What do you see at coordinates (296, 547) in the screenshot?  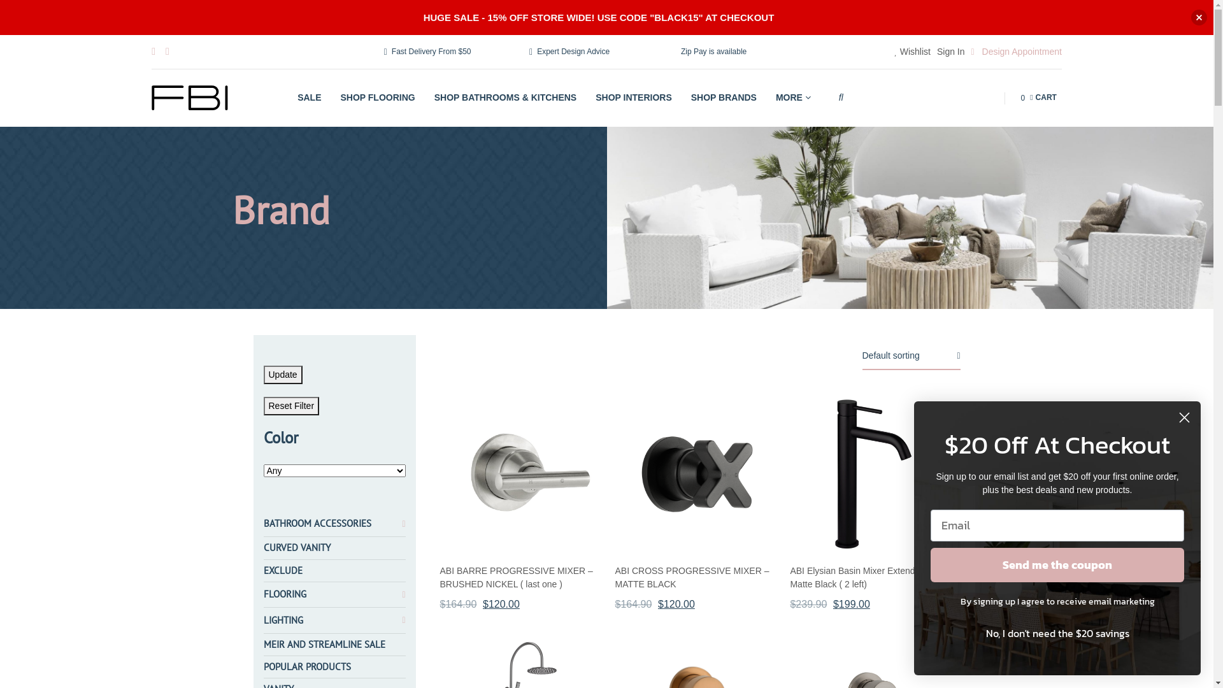 I see `'CURVED VANITY'` at bounding box center [296, 547].